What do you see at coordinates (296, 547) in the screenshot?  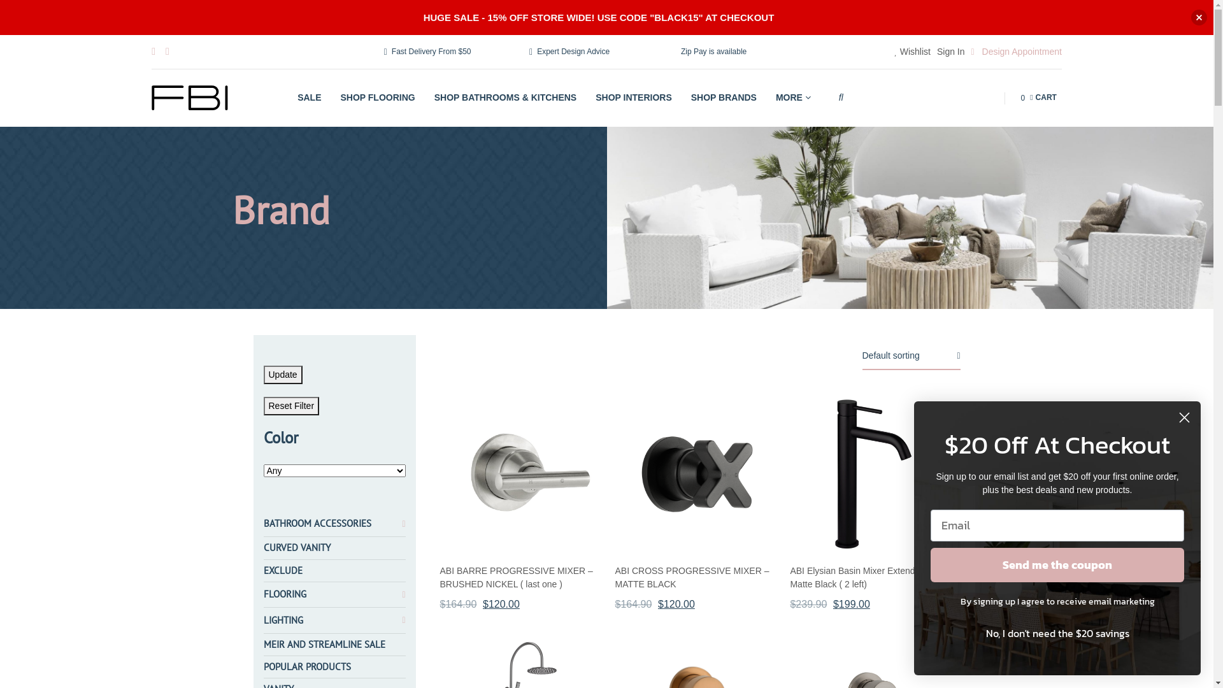 I see `'CURVED VANITY'` at bounding box center [296, 547].